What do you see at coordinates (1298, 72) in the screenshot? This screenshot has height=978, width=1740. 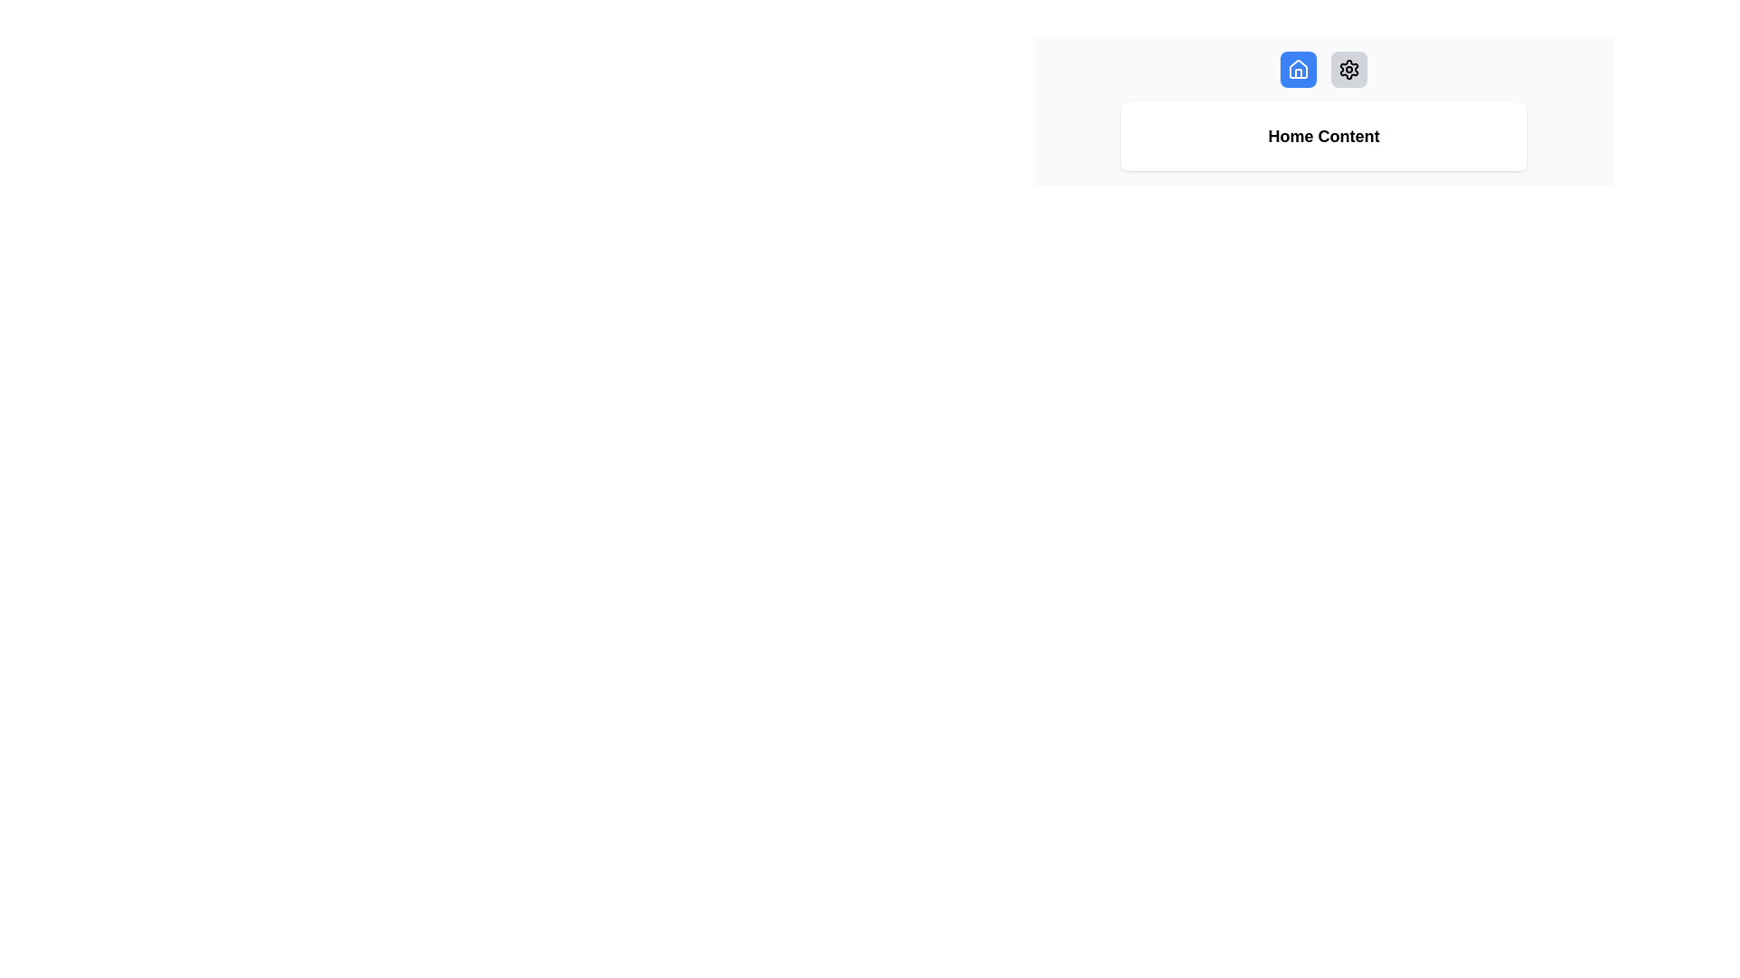 I see `the vertically oriented rectangular navigation button resembling a miniature house` at bounding box center [1298, 72].